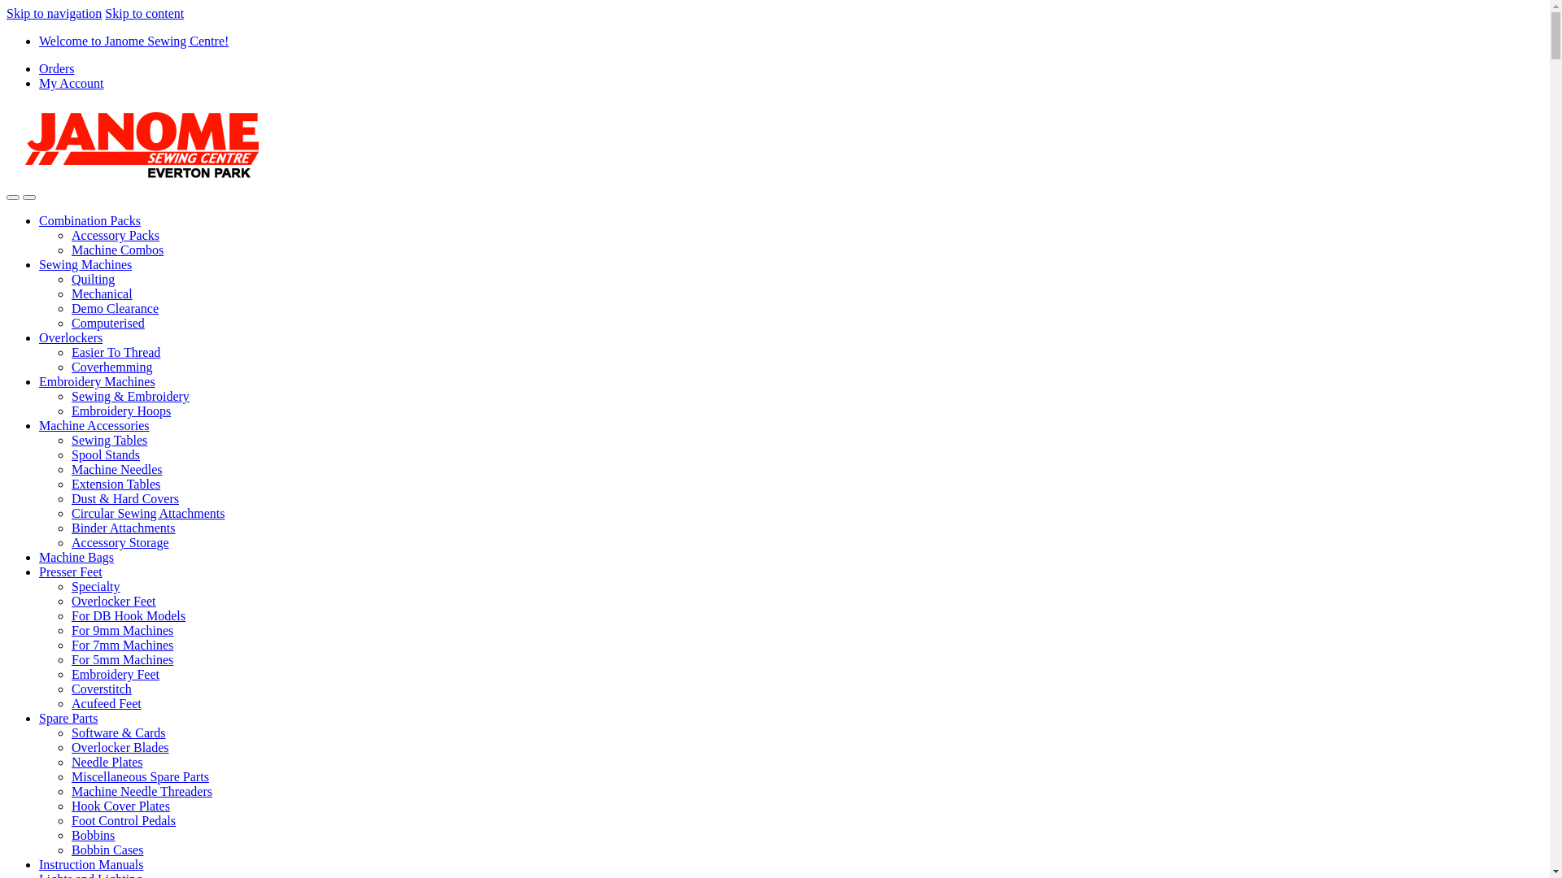 Image resolution: width=1562 pixels, height=878 pixels. I want to click on 'Extension Tables', so click(115, 483).